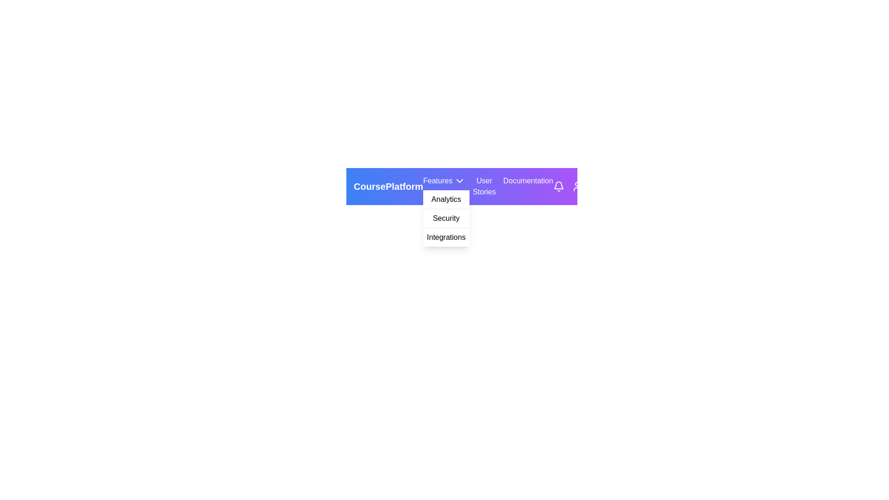  What do you see at coordinates (484, 186) in the screenshot?
I see `the 'User Stories' label, which displays the text in white within a purple rectangle in the navigation bar` at bounding box center [484, 186].